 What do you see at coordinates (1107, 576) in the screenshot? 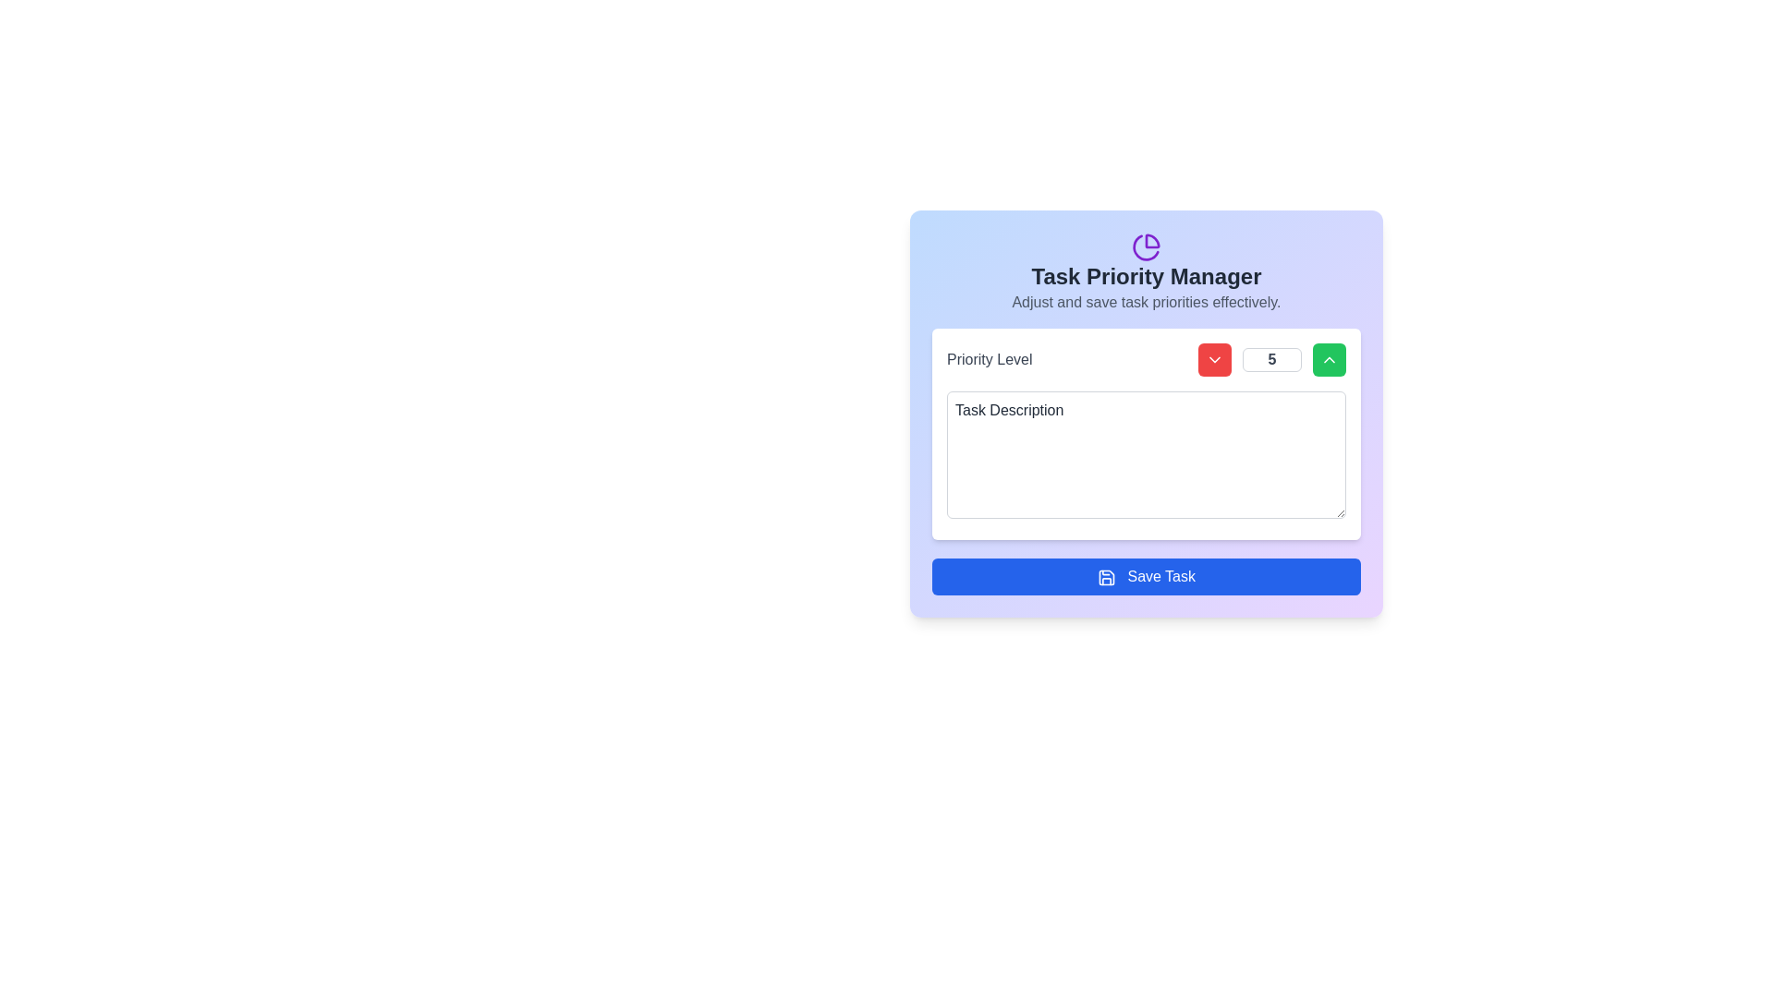
I see `the save icon located to the left of the 'Save Task' text in the blue button at the bottom of the 'Task Priority Manager' form` at bounding box center [1107, 576].